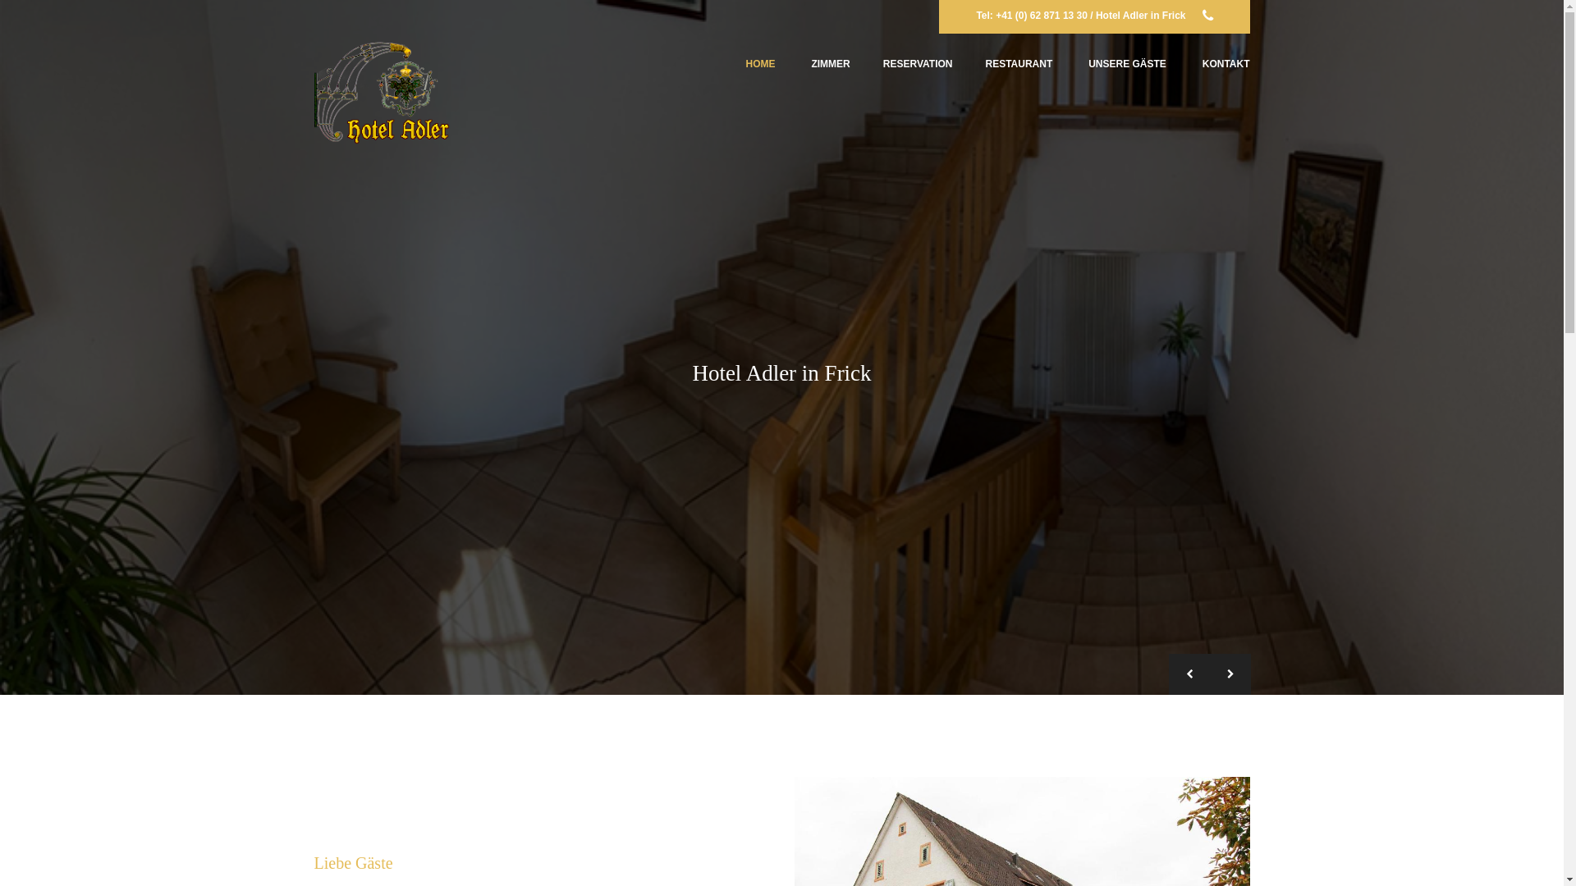 The height and width of the screenshot is (886, 1576). Describe the element at coordinates (1018, 63) in the screenshot. I see `'RESTAURANT'` at that location.